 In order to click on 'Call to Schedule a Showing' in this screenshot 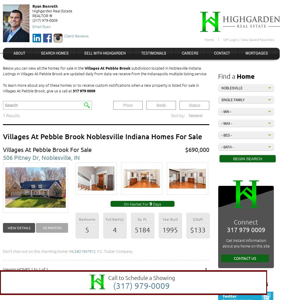, I will do `click(141, 277)`.